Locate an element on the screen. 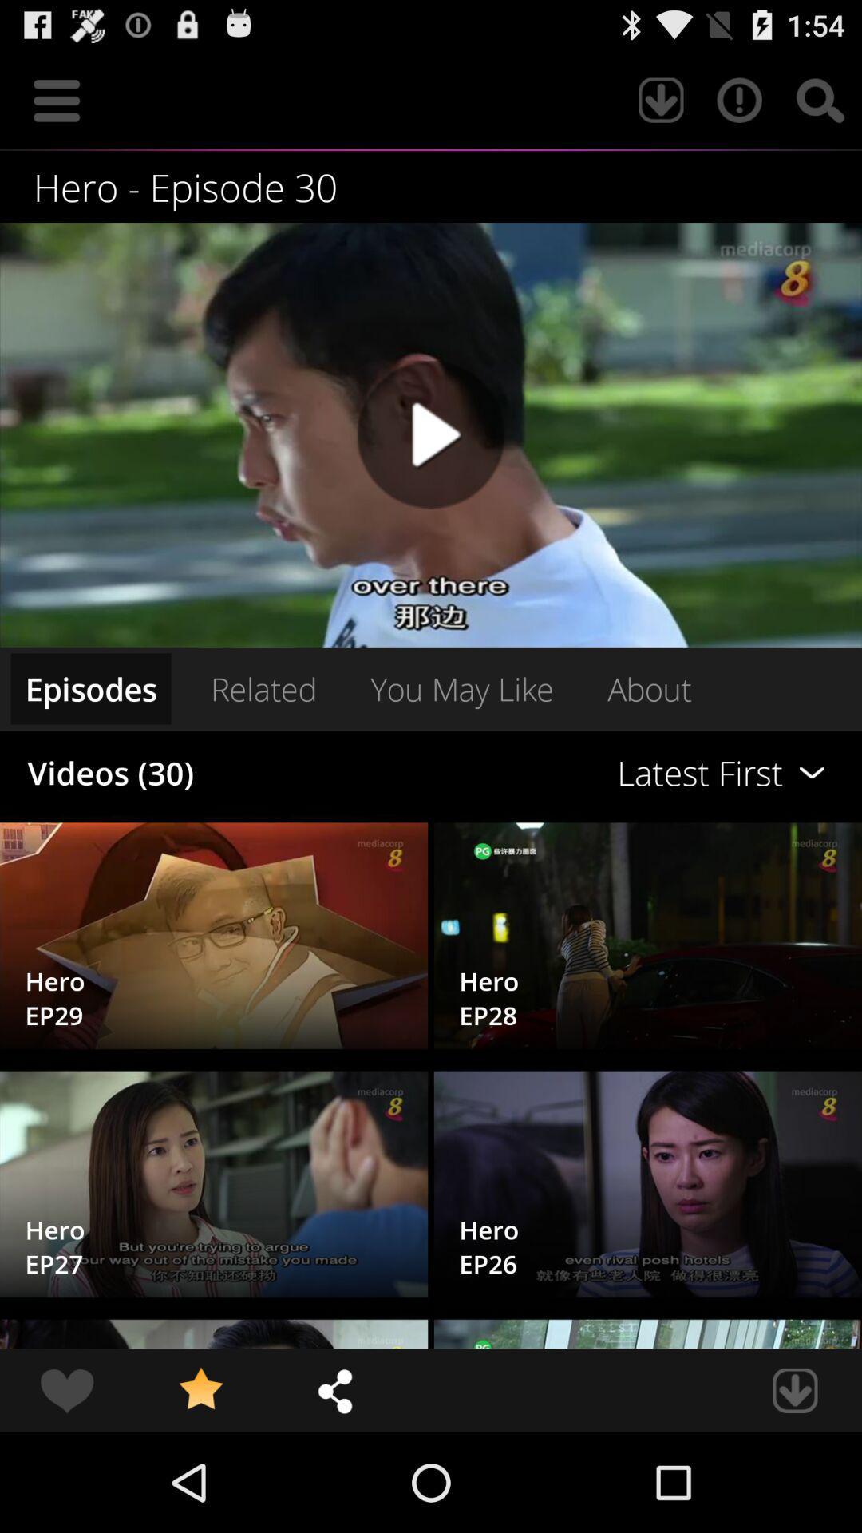 This screenshot has height=1533, width=862. the icon next to latest first item is located at coordinates (263, 688).